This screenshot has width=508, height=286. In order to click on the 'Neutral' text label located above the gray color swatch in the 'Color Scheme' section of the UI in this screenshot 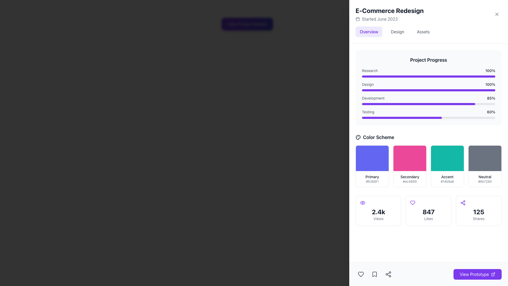, I will do `click(485, 177)`.